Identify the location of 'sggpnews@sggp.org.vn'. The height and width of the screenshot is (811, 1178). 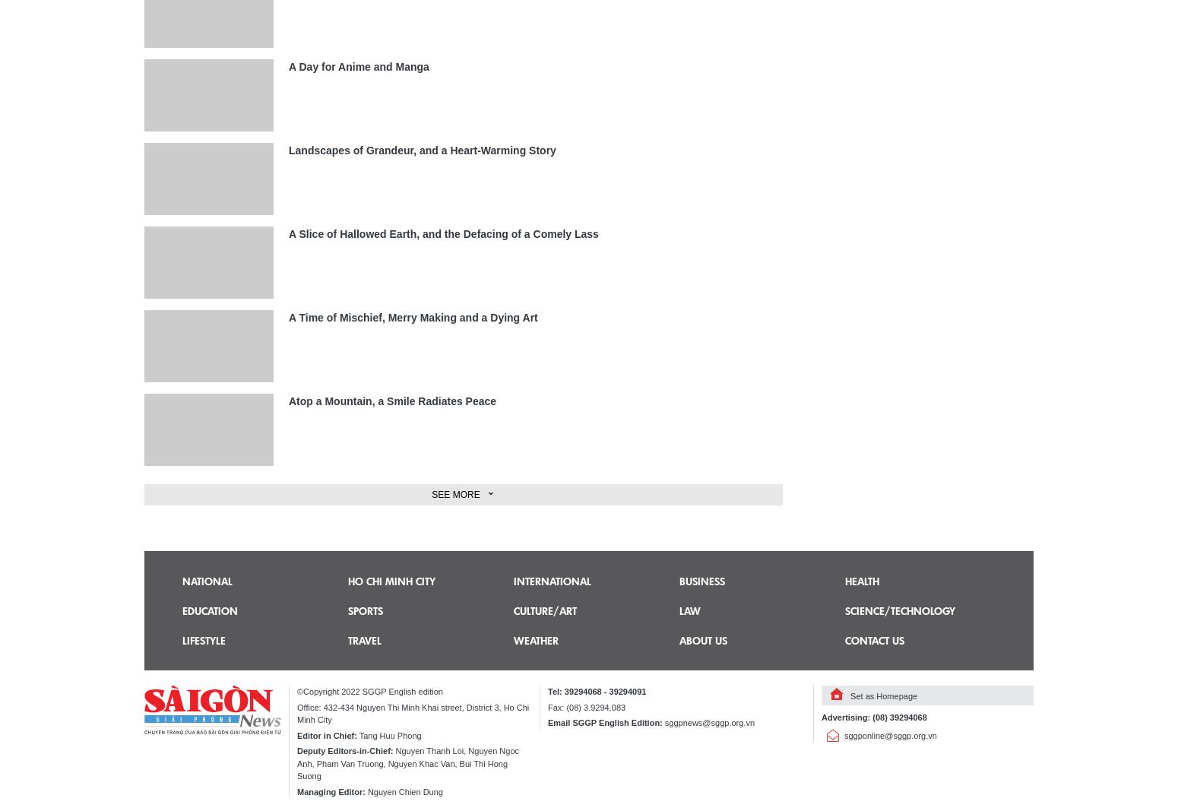
(708, 723).